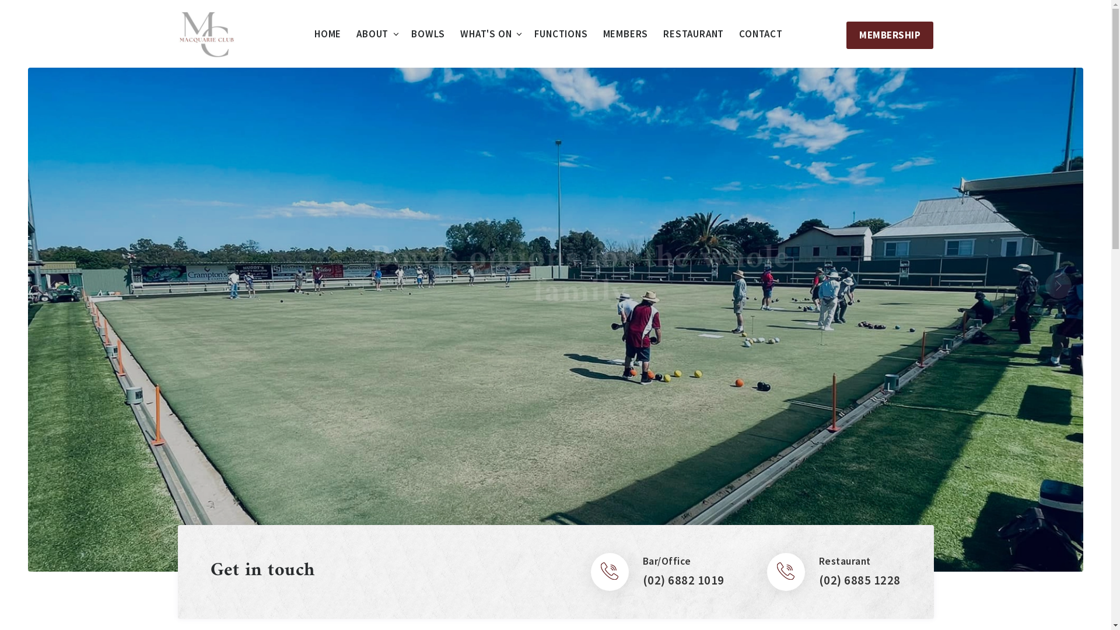 The height and width of the screenshot is (630, 1120). I want to click on 'BOWLS', so click(428, 33).